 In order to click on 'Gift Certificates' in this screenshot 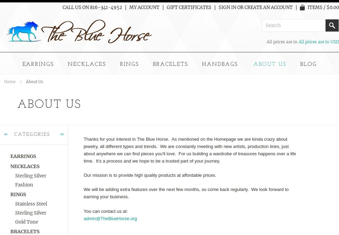, I will do `click(189, 7)`.